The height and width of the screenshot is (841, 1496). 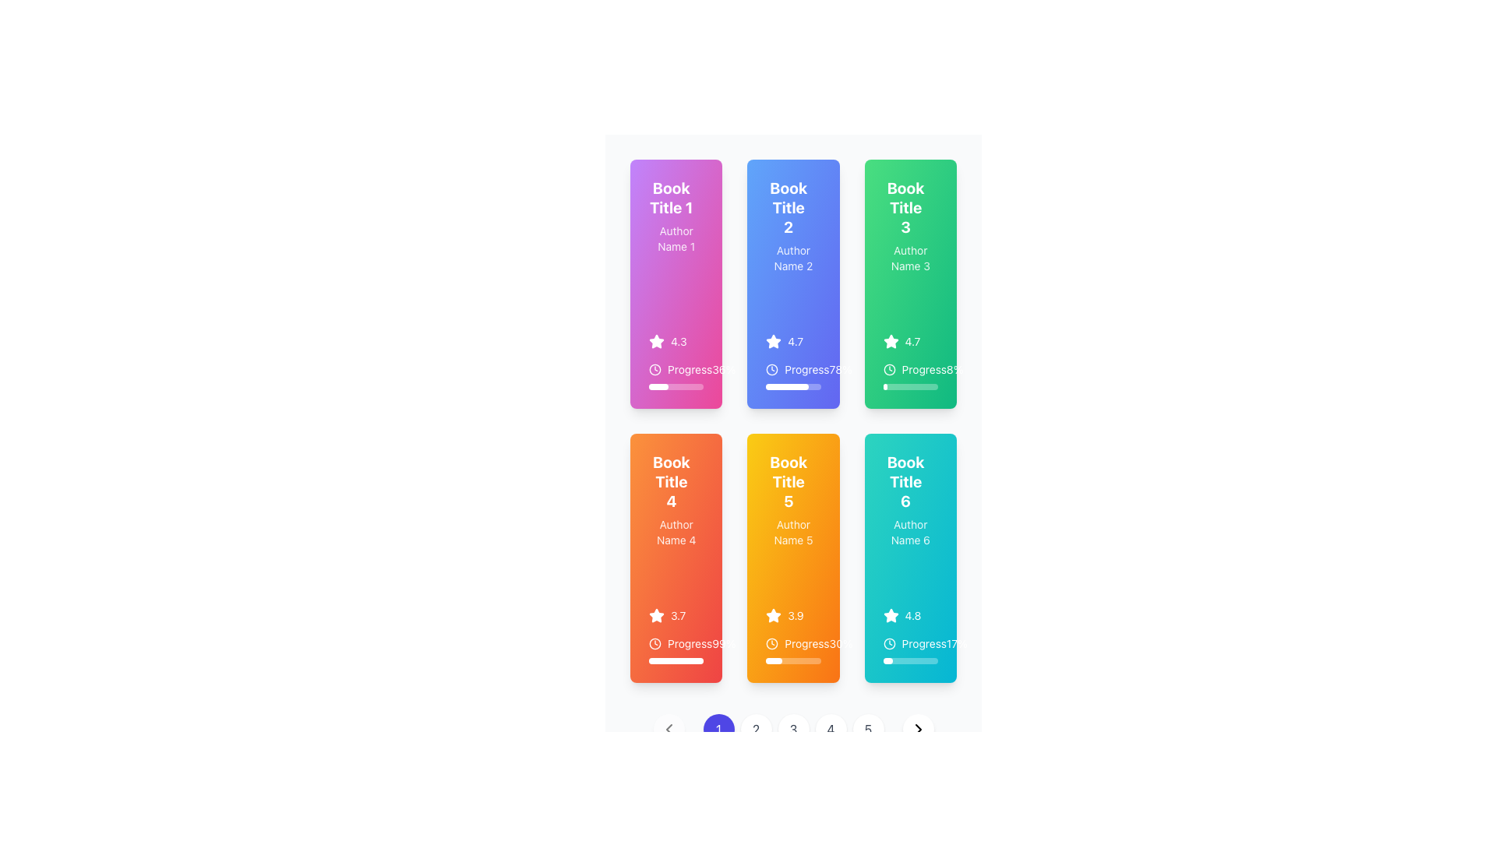 What do you see at coordinates (676, 284) in the screenshot?
I see `the first card component in the grid layout, which features a gradient background from purple to pink, displaying the book title 'Book Title 1', author name 'Author Name 1', a star rating of '4.3', and a progress indicator with 'Progress36%'` at bounding box center [676, 284].